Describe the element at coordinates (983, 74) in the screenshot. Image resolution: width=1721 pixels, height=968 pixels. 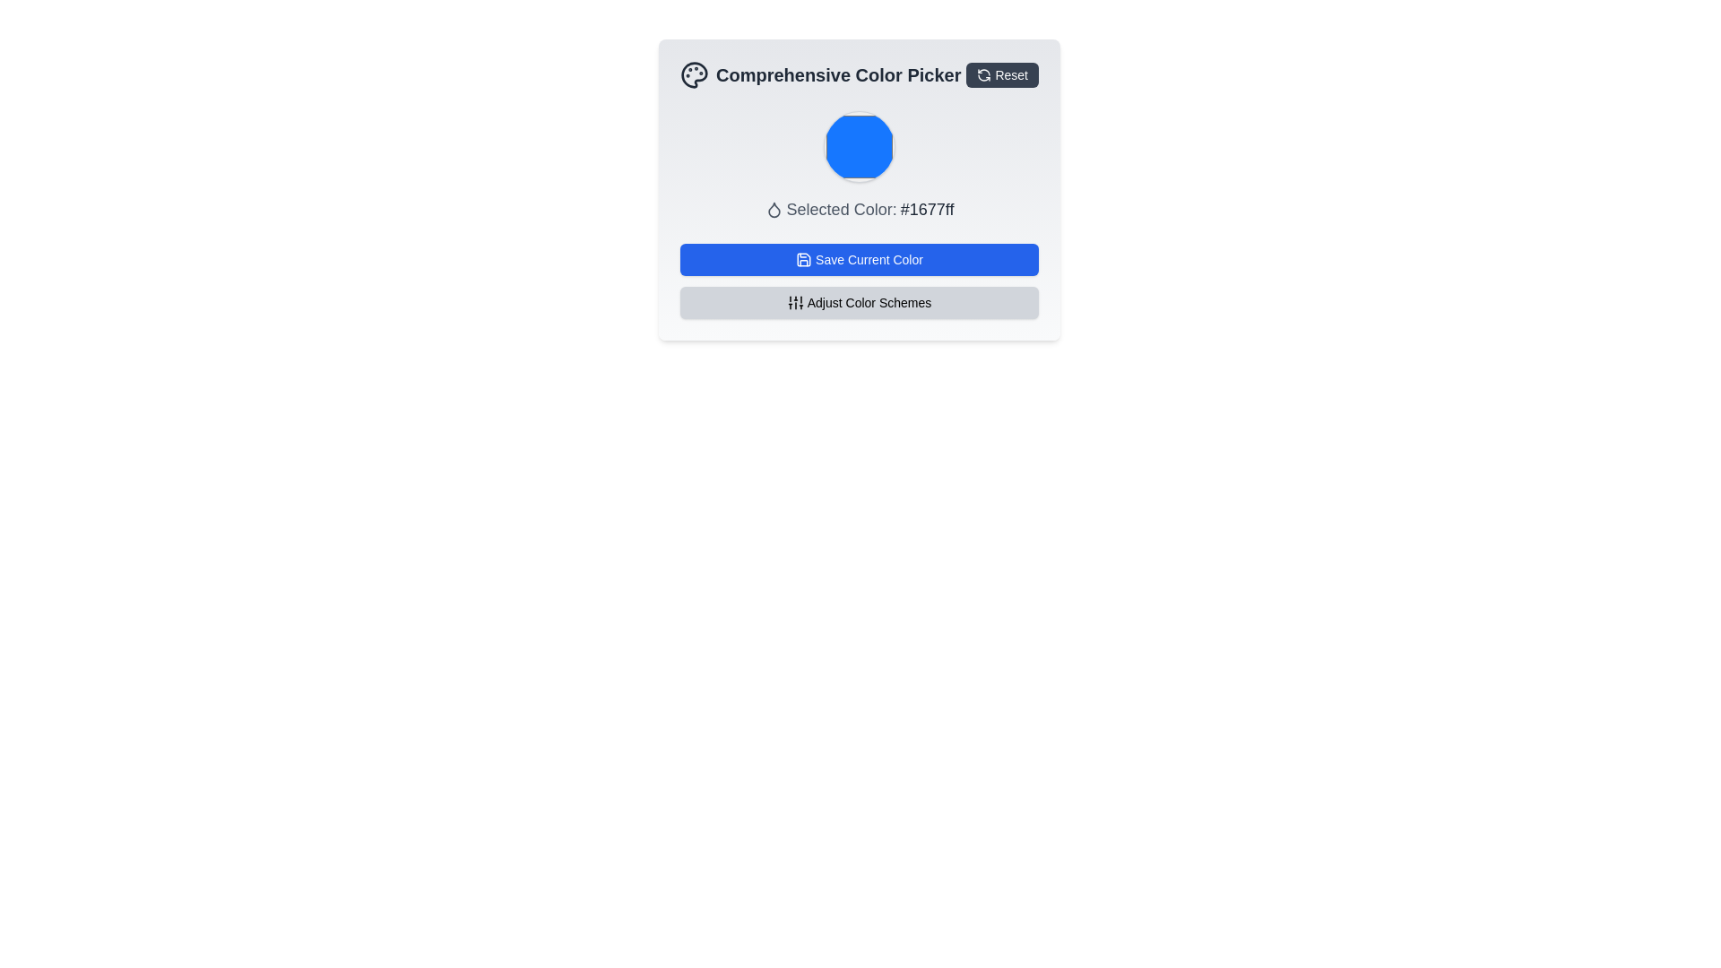
I see `the circular refresh icon located to the left of the 'Reset' text in the top-right corner of the color picker widget` at that location.